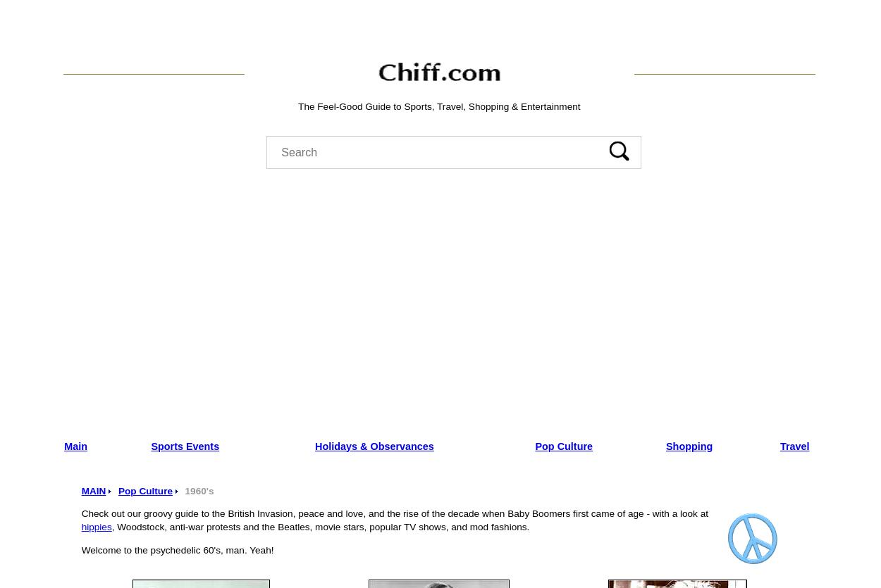 Image resolution: width=881 pixels, height=588 pixels. Describe the element at coordinates (665, 445) in the screenshot. I see `'Shopping'` at that location.